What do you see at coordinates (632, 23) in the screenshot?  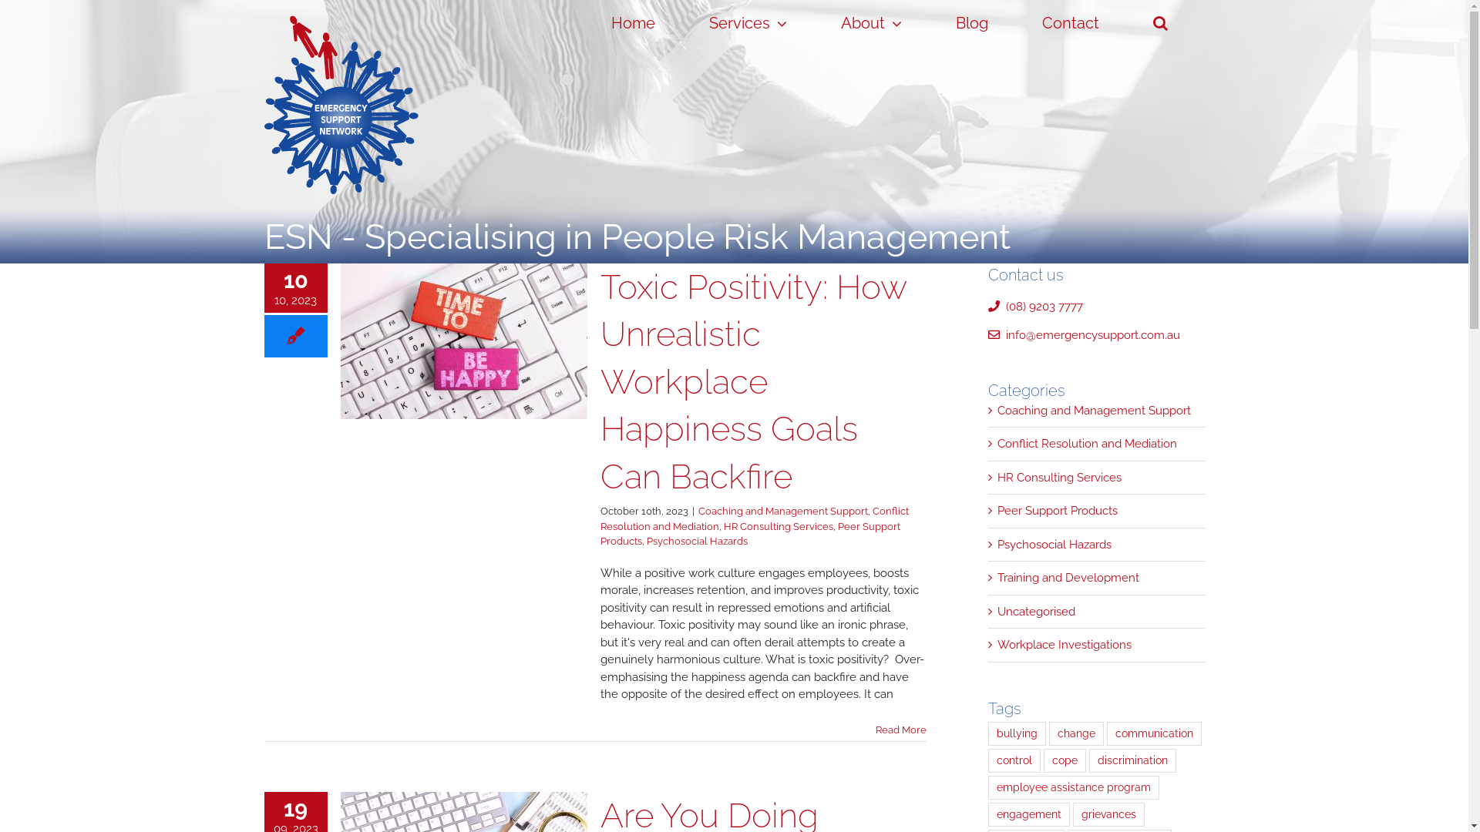 I see `'Home'` at bounding box center [632, 23].